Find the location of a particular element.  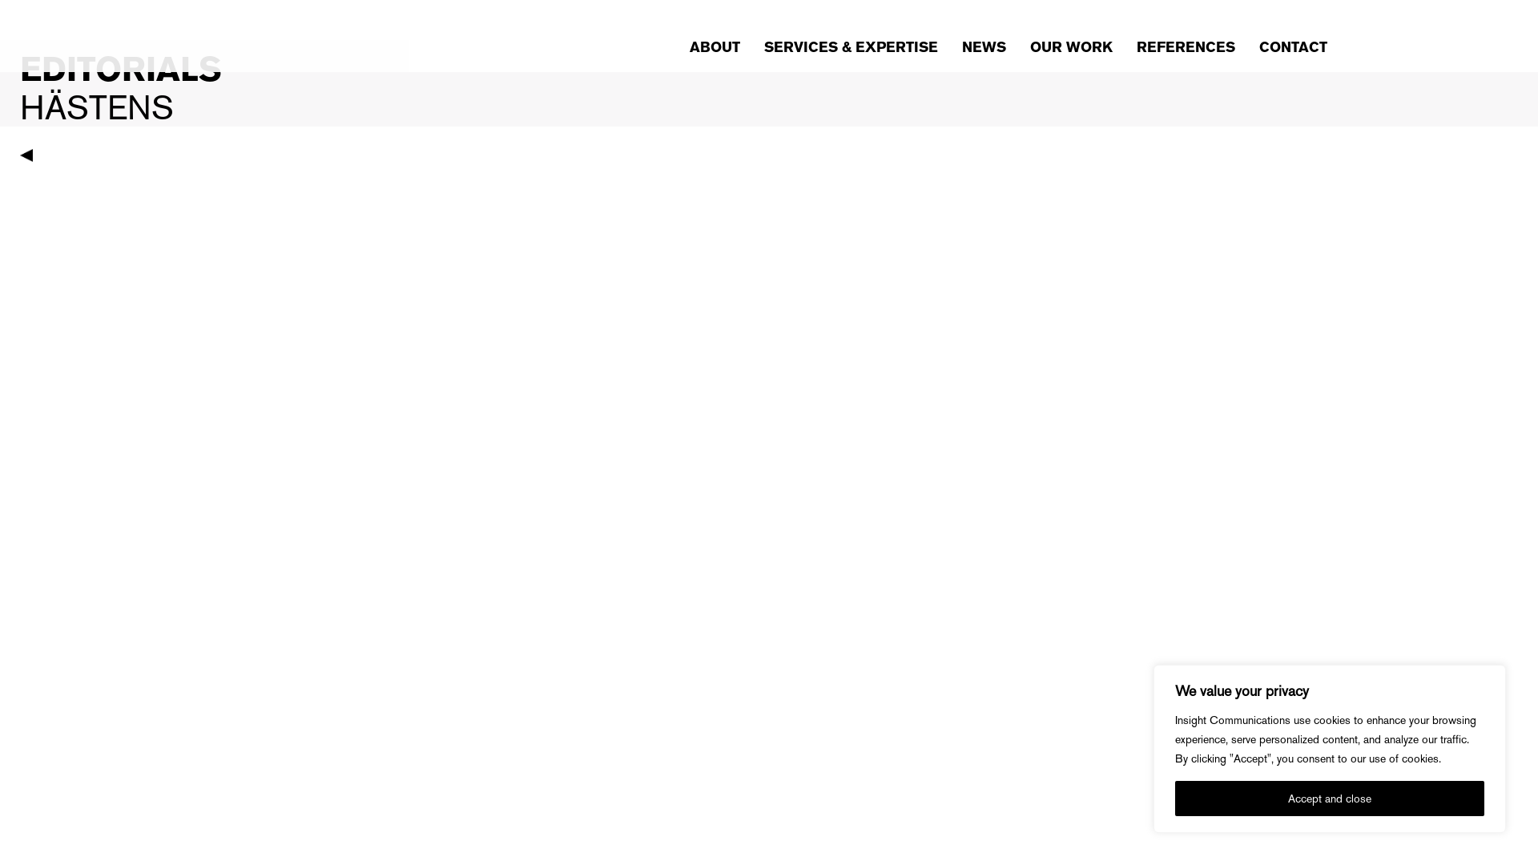

'REFERENCES' is located at coordinates (1186, 50).